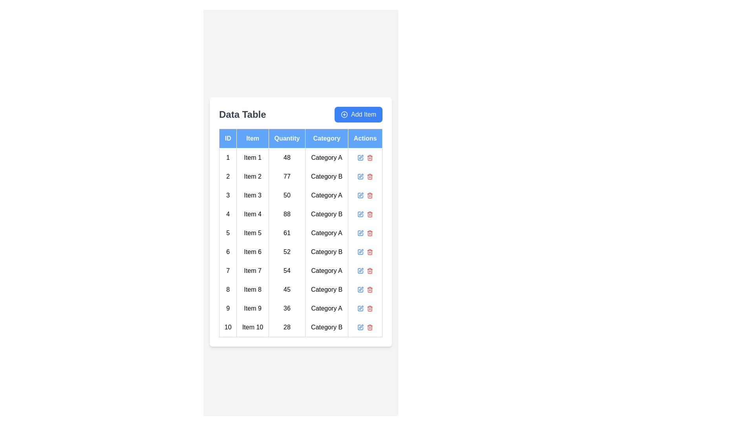 This screenshot has height=424, width=754. Describe the element at coordinates (370, 232) in the screenshot. I see `the trashcan icon button in the 'Actions' column of the fifth row` at that location.